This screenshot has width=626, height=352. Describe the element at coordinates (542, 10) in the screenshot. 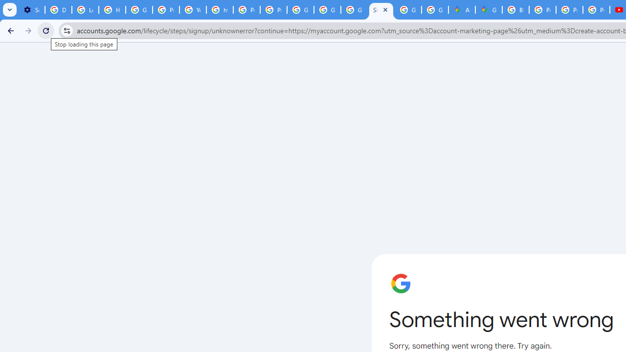

I see `'Privacy Help Center - Policies Help'` at that location.